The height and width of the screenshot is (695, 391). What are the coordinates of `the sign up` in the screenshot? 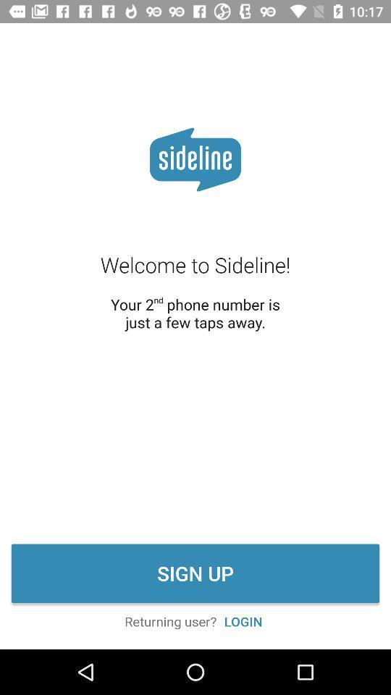 It's located at (195, 573).